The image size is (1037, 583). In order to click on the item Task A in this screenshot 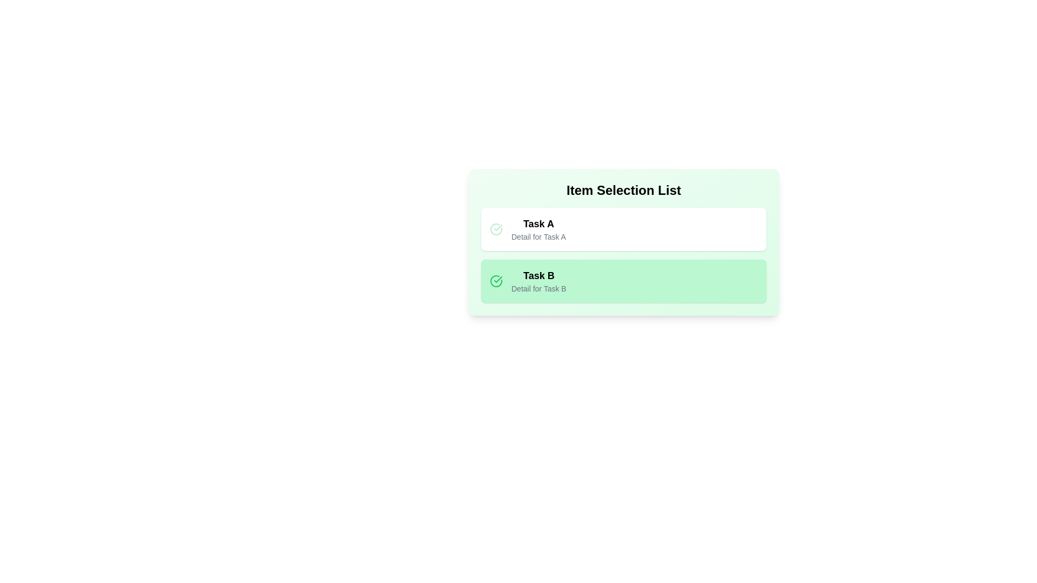, I will do `click(624, 228)`.